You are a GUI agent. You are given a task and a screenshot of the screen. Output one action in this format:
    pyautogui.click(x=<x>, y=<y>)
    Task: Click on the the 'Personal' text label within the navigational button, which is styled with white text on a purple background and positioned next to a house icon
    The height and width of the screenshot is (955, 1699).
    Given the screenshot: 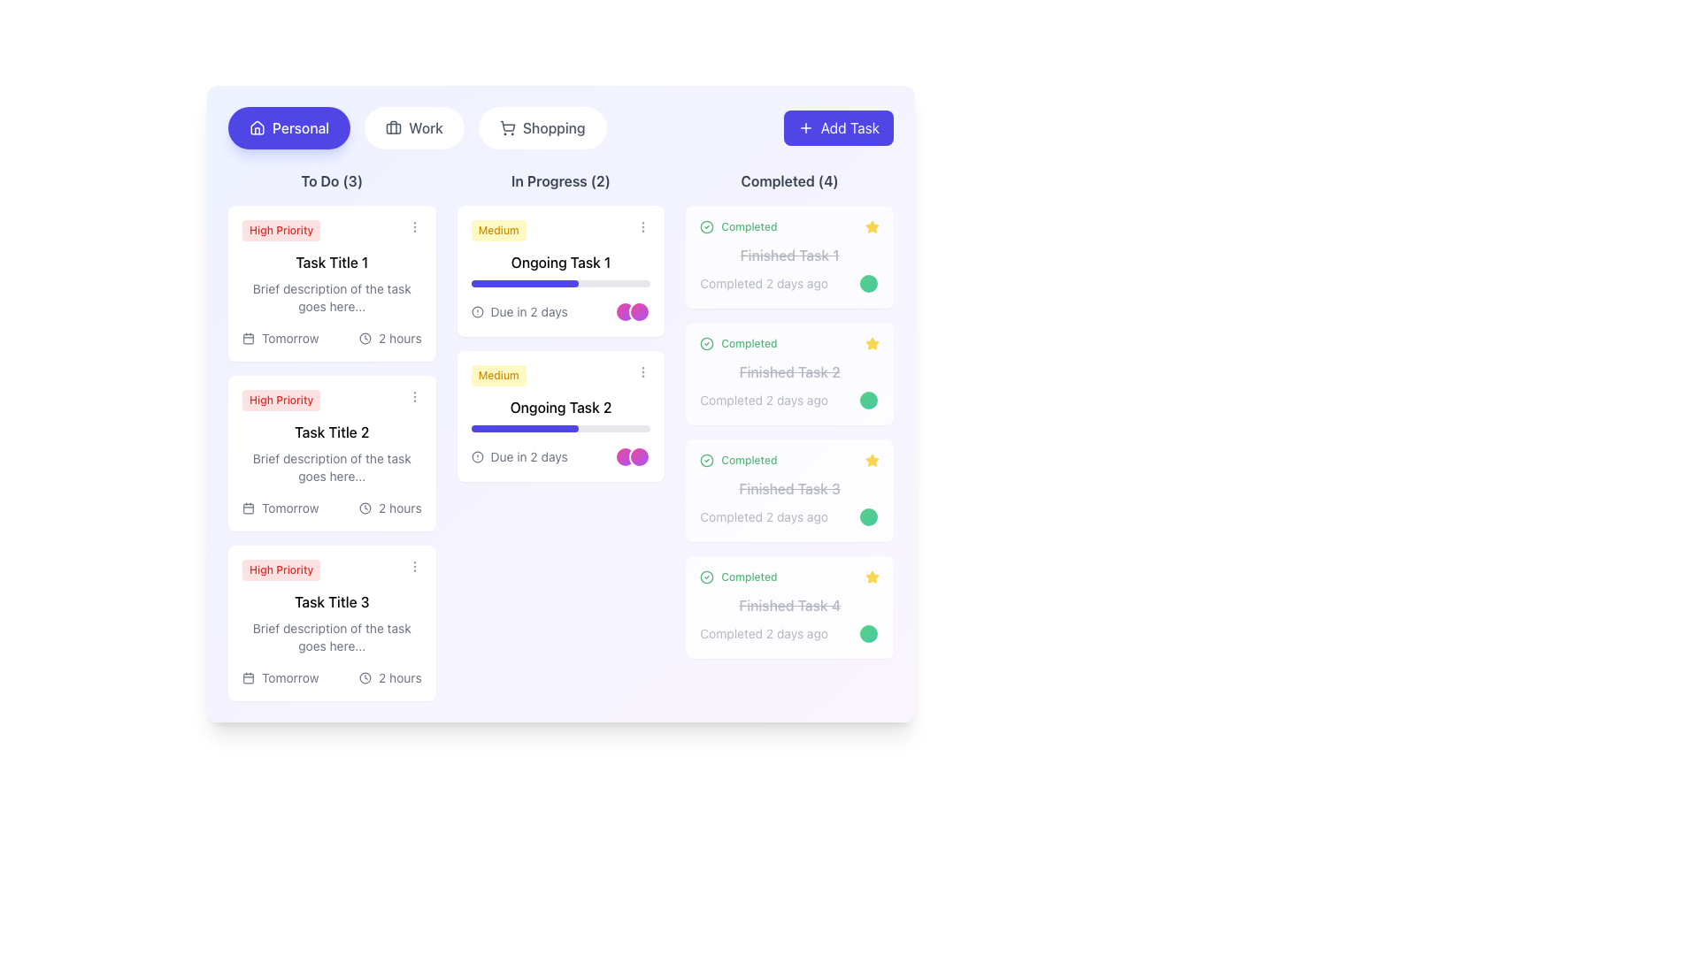 What is the action you would take?
    pyautogui.click(x=301, y=127)
    